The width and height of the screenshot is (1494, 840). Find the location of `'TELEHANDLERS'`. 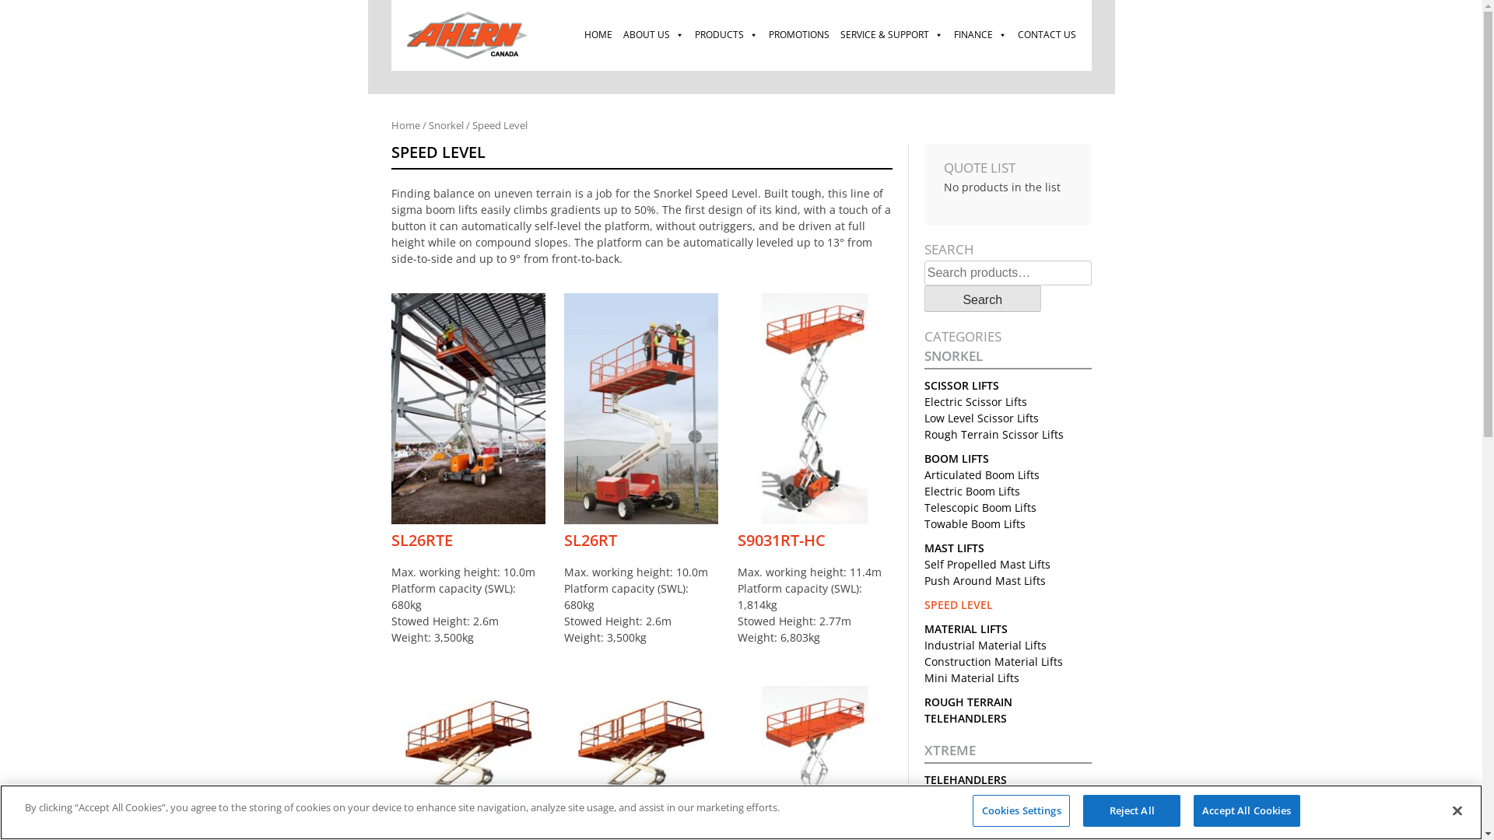

'TELEHANDLERS' is located at coordinates (965, 779).